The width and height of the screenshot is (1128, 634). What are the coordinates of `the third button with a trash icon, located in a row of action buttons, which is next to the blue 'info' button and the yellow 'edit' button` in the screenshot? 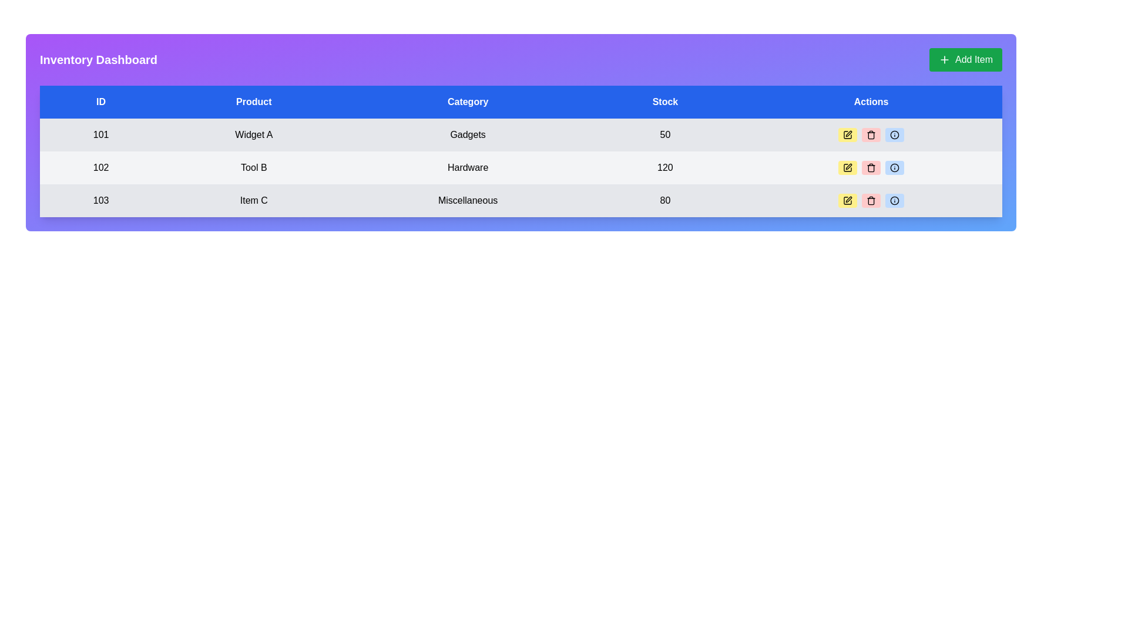 It's located at (871, 134).